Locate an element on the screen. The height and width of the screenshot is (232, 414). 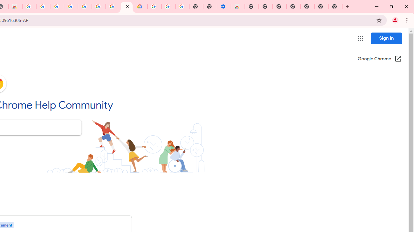
'Chrome Web Store - Household' is located at coordinates (15, 6).